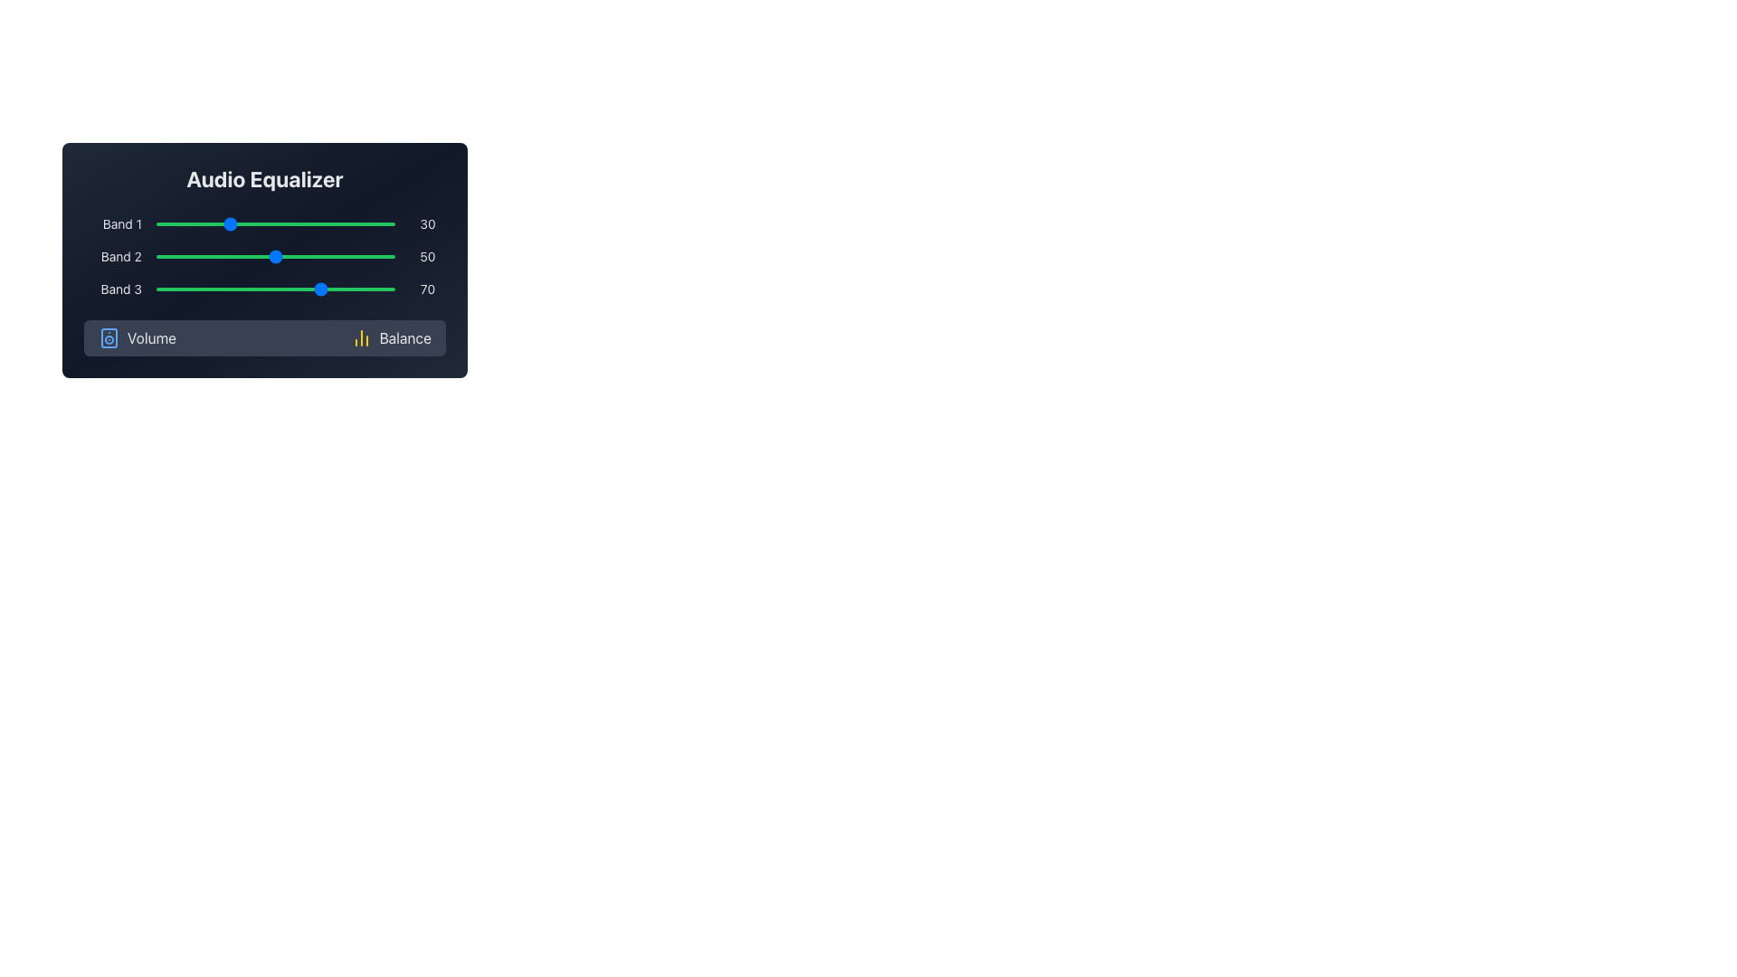  Describe the element at coordinates (427, 223) in the screenshot. I see `the Text Label displaying the current value (30) for the audio equalizer slider associated with 'Band 1', which is positioned to the right of the slider` at that location.